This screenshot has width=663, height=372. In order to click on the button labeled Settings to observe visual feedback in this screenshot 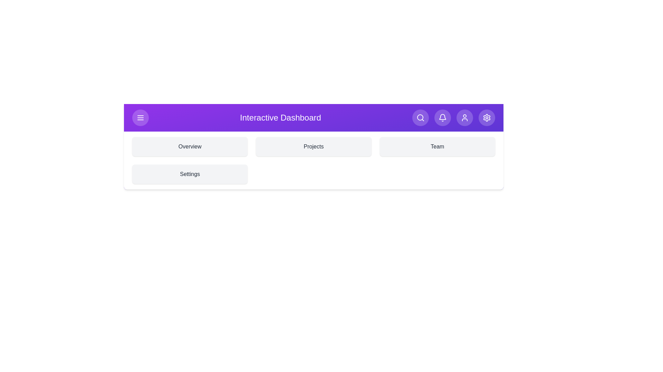, I will do `click(486, 117)`.